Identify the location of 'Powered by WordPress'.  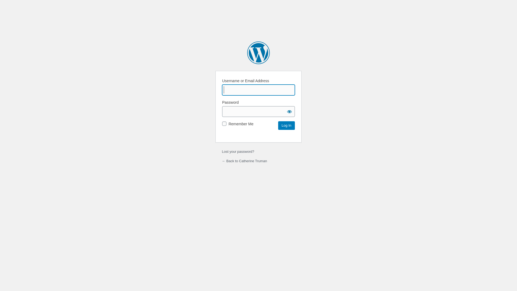
(258, 53).